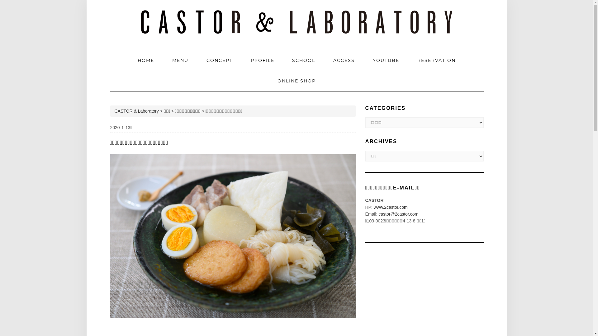  What do you see at coordinates (436, 60) in the screenshot?
I see `'RESERVATION'` at bounding box center [436, 60].